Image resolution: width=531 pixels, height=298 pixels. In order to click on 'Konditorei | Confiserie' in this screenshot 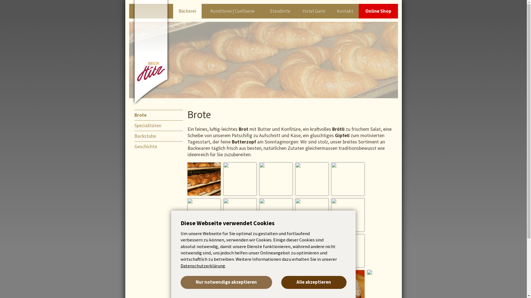, I will do `click(232, 11)`.